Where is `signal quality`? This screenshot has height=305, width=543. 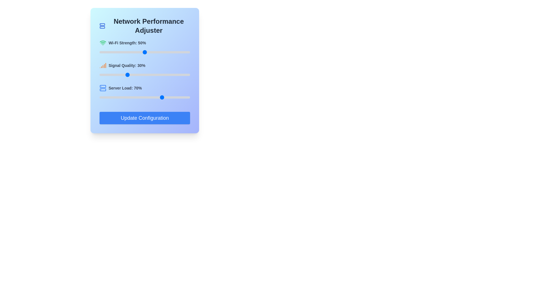 signal quality is located at coordinates (109, 75).